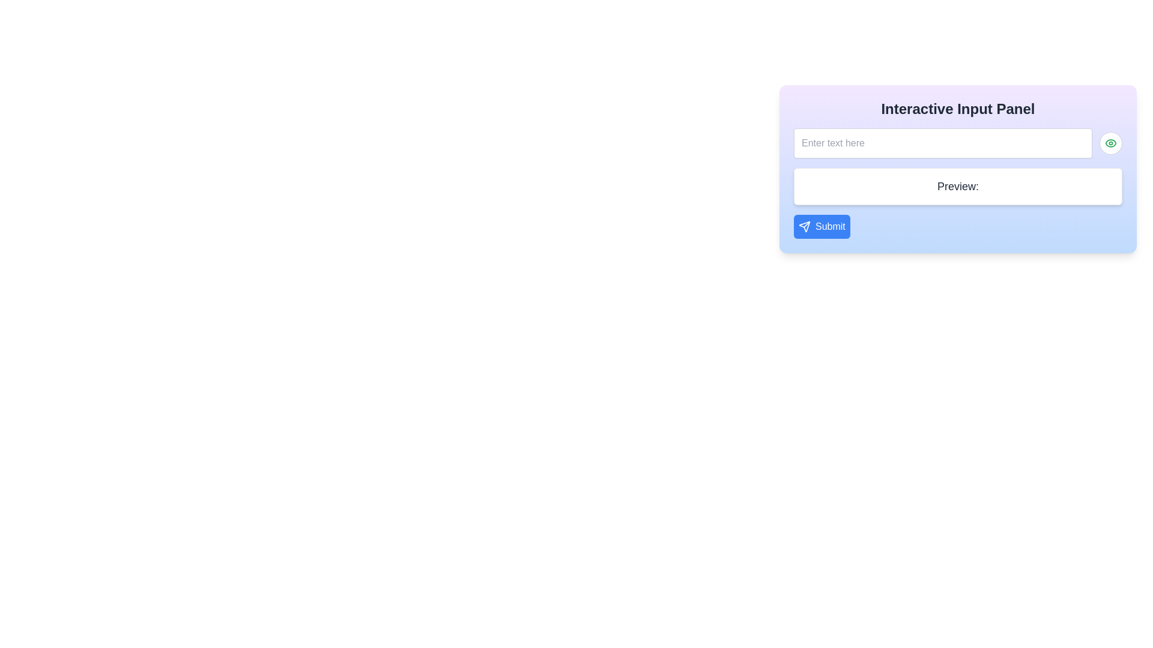 The height and width of the screenshot is (648, 1153). Describe the element at coordinates (821, 227) in the screenshot. I see `the 'Submit' button with a blue background and white text, located in the 'Interactive Input Panel' at the bottom-left corner` at that location.